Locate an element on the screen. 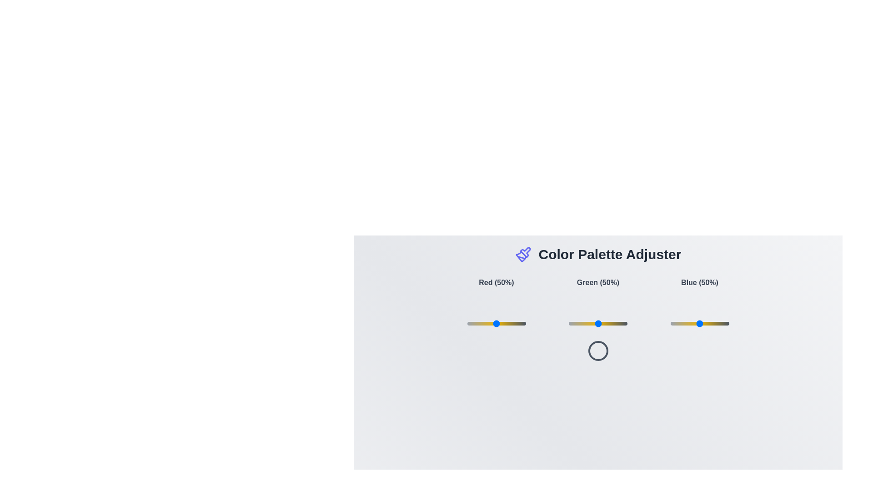 The image size is (873, 491). the blue color slider to 62% is located at coordinates (706, 323).